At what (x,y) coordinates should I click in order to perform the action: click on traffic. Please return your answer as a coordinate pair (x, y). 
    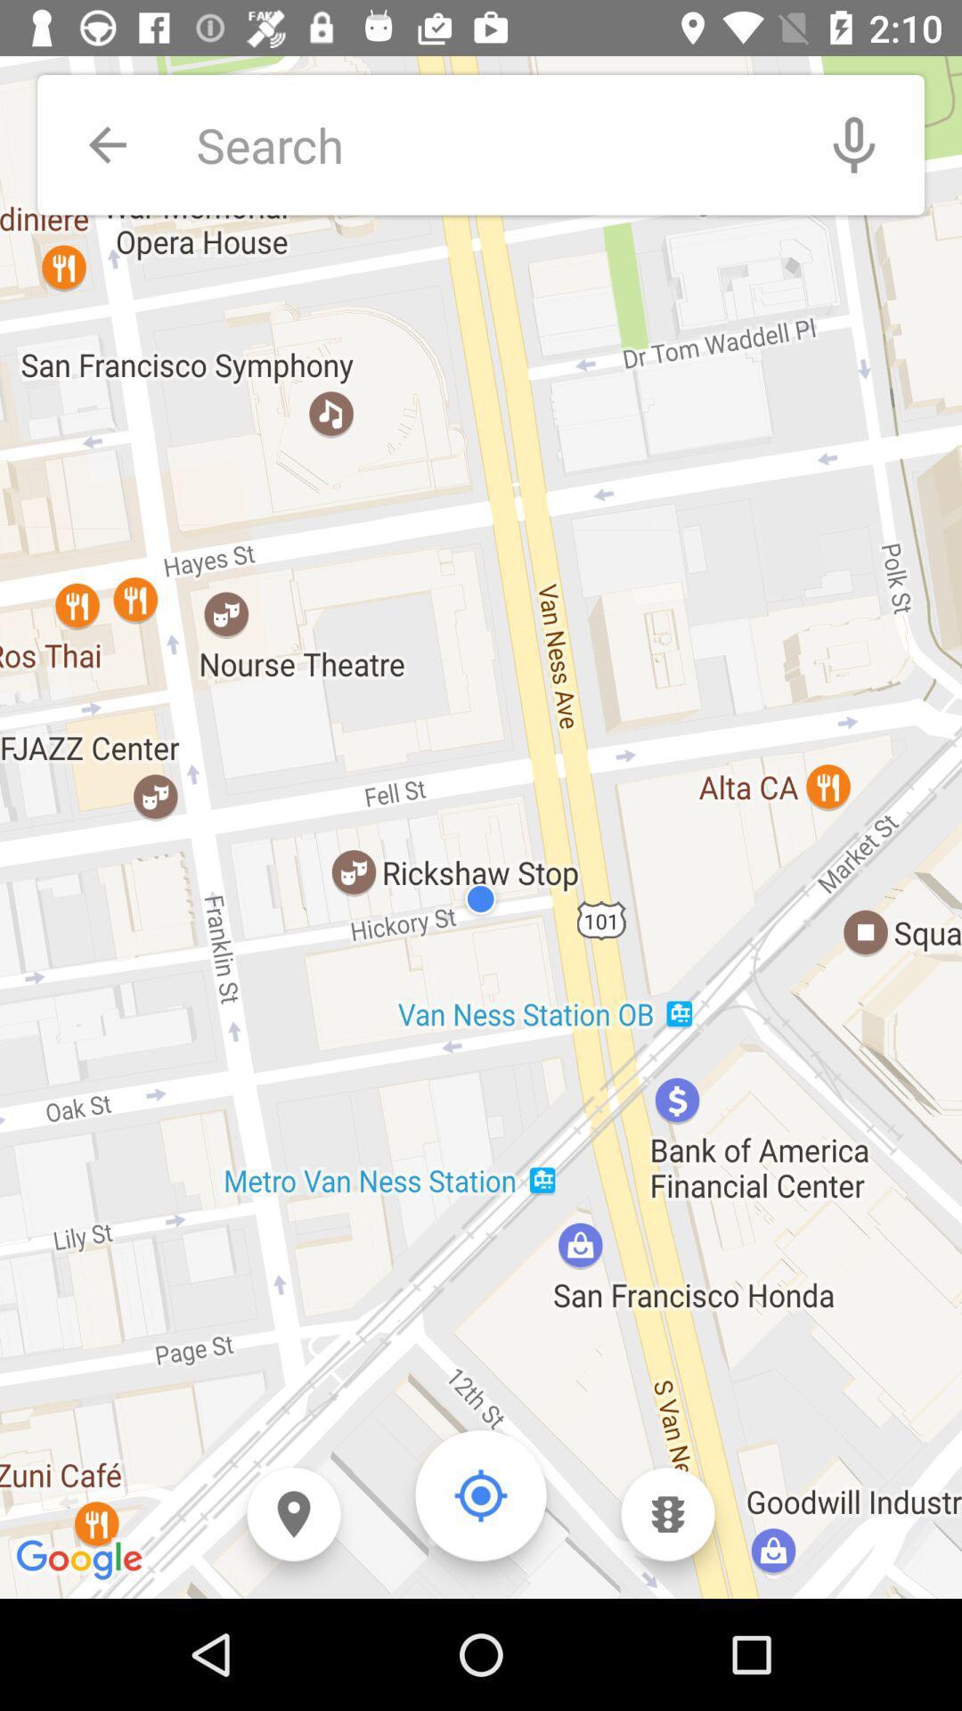
    Looking at the image, I should click on (667, 1513).